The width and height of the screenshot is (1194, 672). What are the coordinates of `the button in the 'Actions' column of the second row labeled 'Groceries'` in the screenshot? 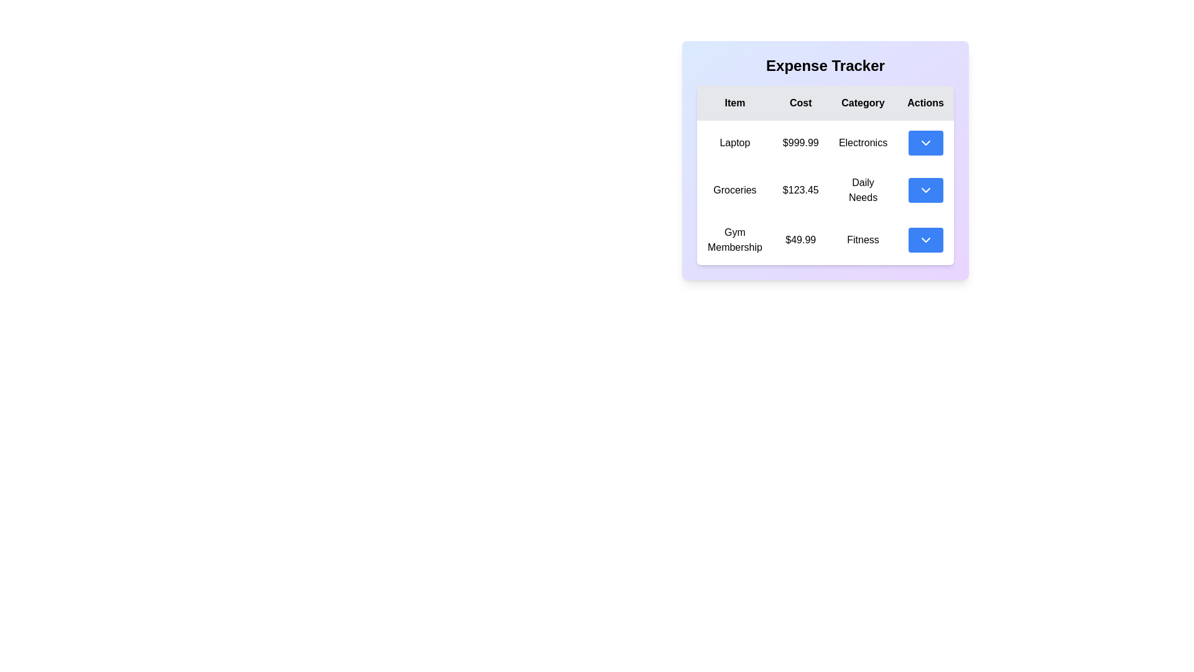 It's located at (925, 190).